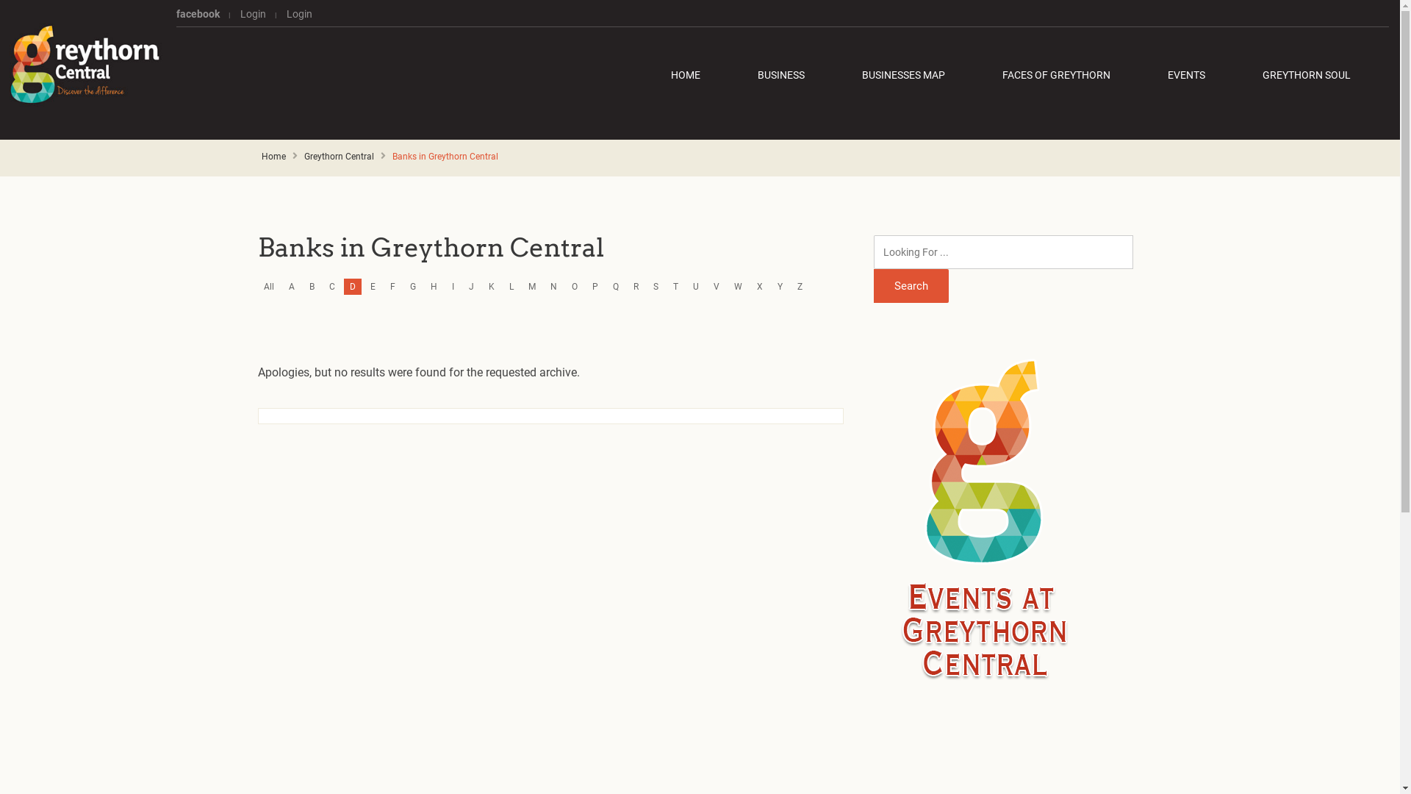 This screenshot has width=1411, height=794. Describe the element at coordinates (780, 74) in the screenshot. I see `'BUSINESS'` at that location.